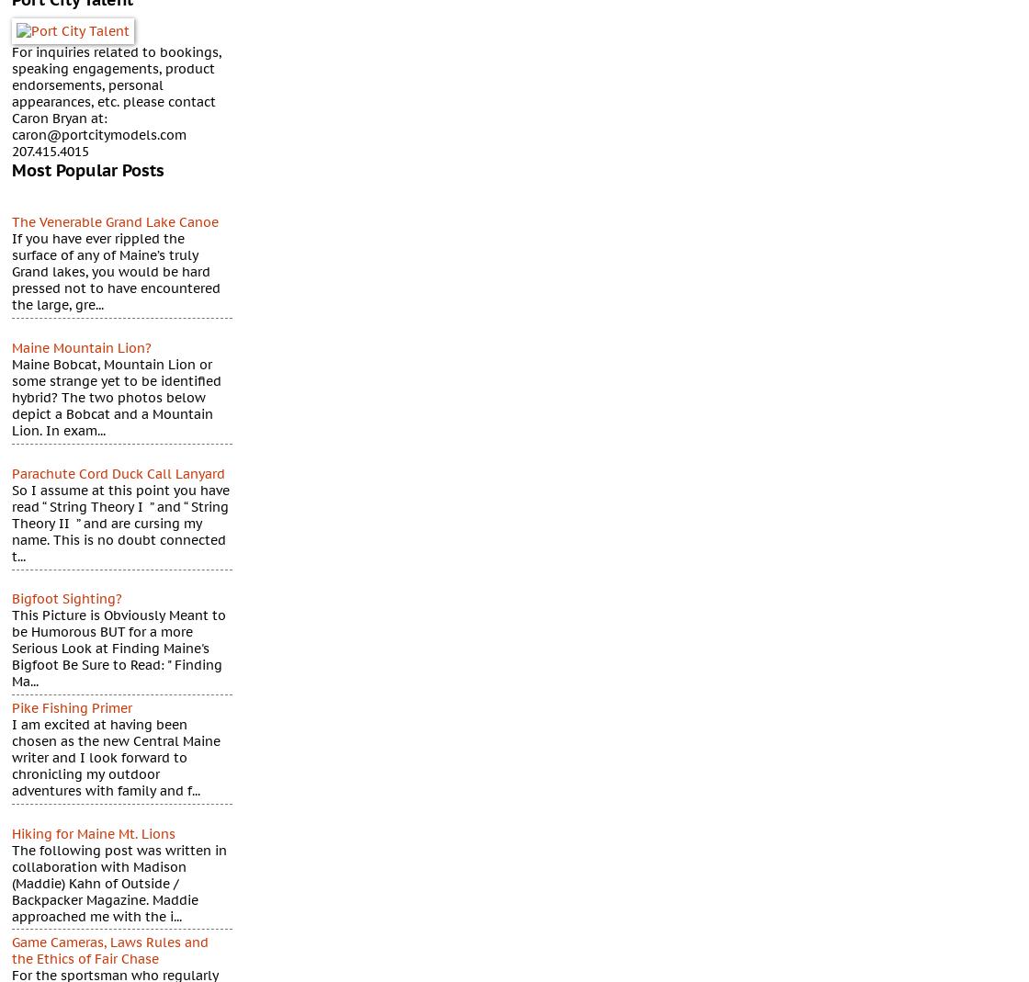  I want to click on 'Maine Bobcat, Mountain Lion or some strange yet to be identified hybrid? The two photos below depict a Bobcat and a Mountain Lion. In exam...', so click(11, 397).